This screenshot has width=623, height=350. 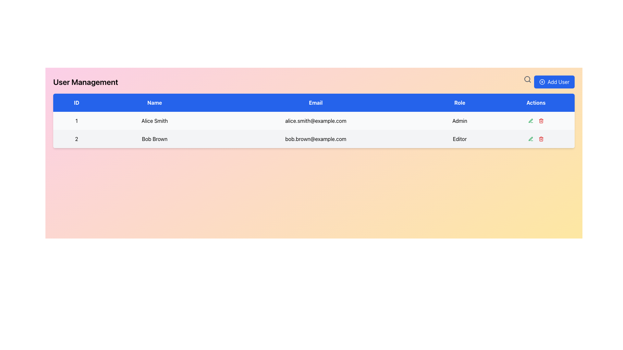 What do you see at coordinates (154, 121) in the screenshot?
I see `the static text element that displays the user's name in the user management table, located in the second column of the first row, adjacent to '1' and 'alice.smith@example.com'` at bounding box center [154, 121].